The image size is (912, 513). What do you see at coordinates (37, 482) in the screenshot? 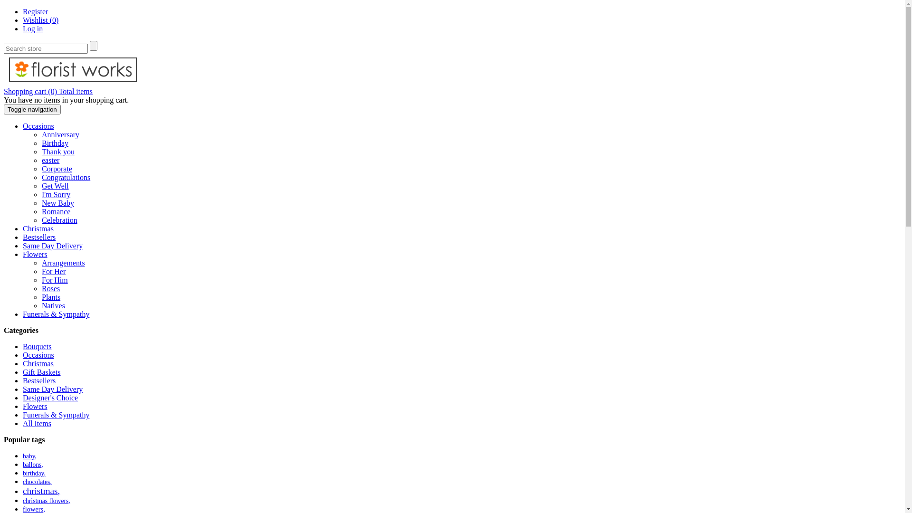
I see `'chocolates,'` at bounding box center [37, 482].